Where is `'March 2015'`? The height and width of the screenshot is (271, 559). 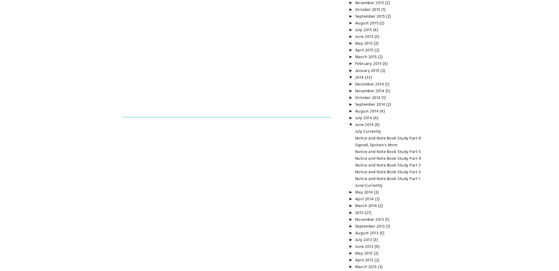
'March 2015' is located at coordinates (366, 57).